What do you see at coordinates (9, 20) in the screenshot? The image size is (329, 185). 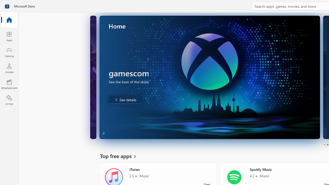 I see `'Home'` at bounding box center [9, 20].